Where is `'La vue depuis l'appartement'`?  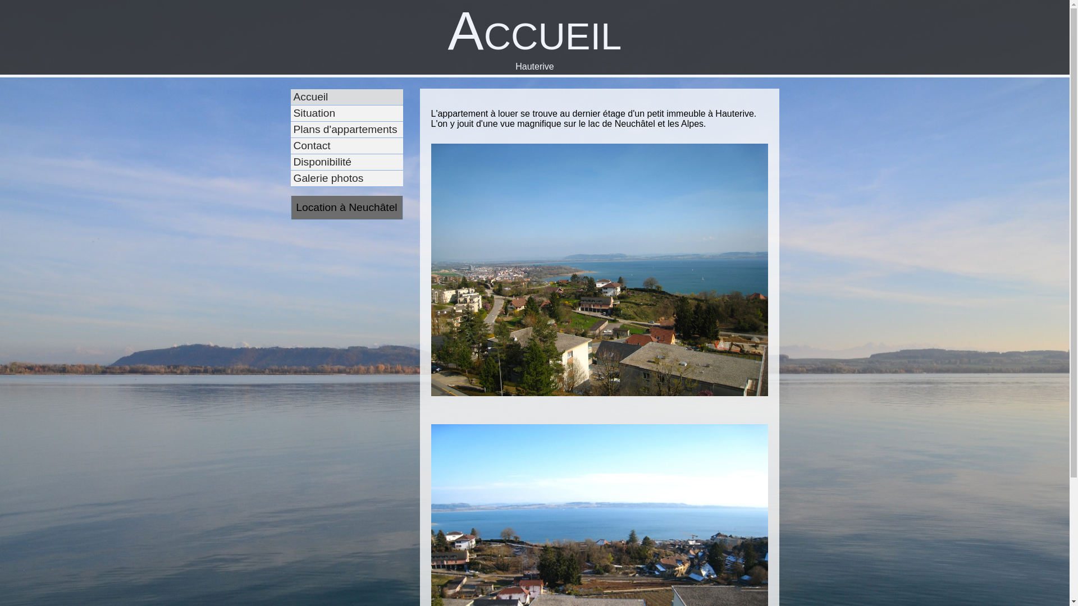 'La vue depuis l'appartement' is located at coordinates (599, 275).